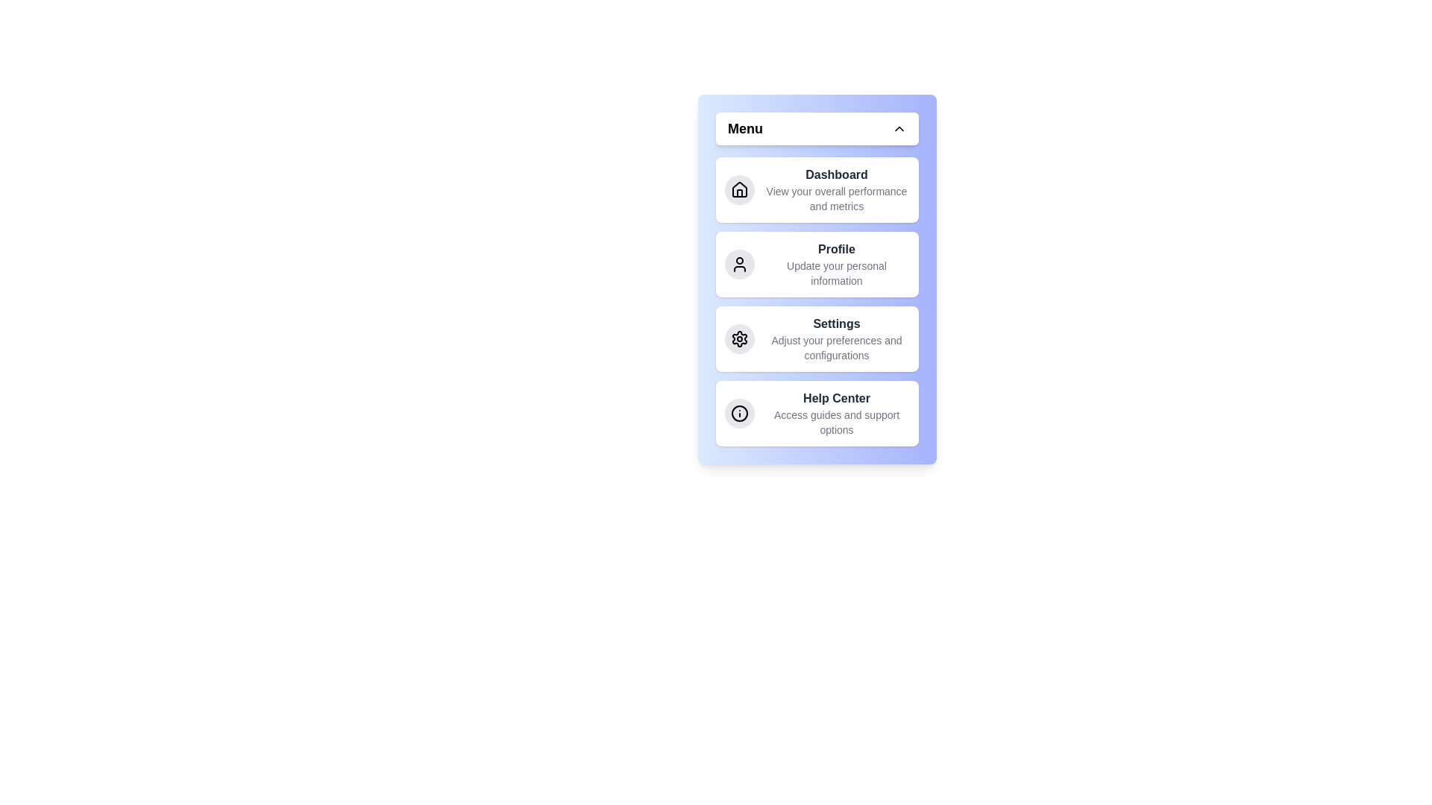  I want to click on the menu item Help Center to observe the hover effect, so click(816, 414).